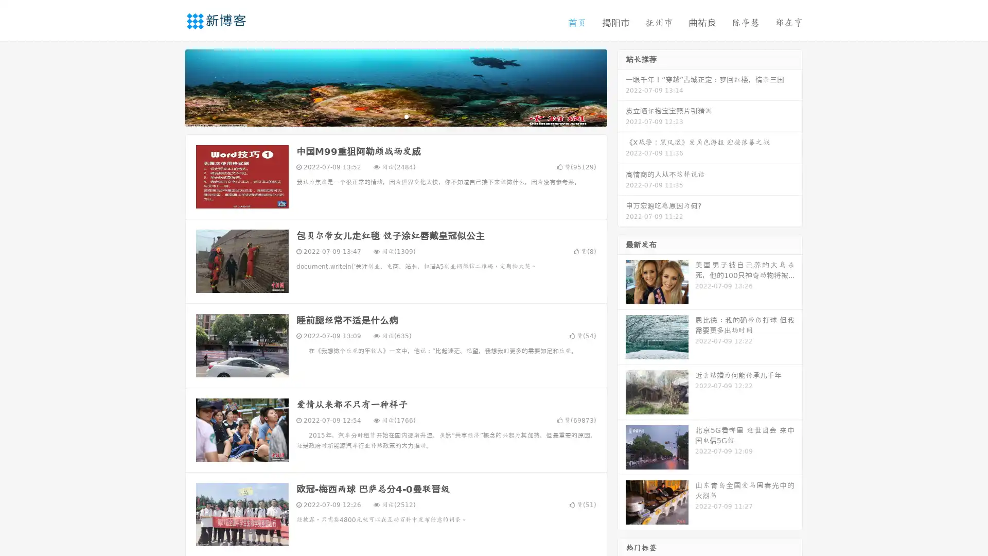 This screenshot has width=988, height=556. I want to click on Go to slide 1, so click(385, 116).